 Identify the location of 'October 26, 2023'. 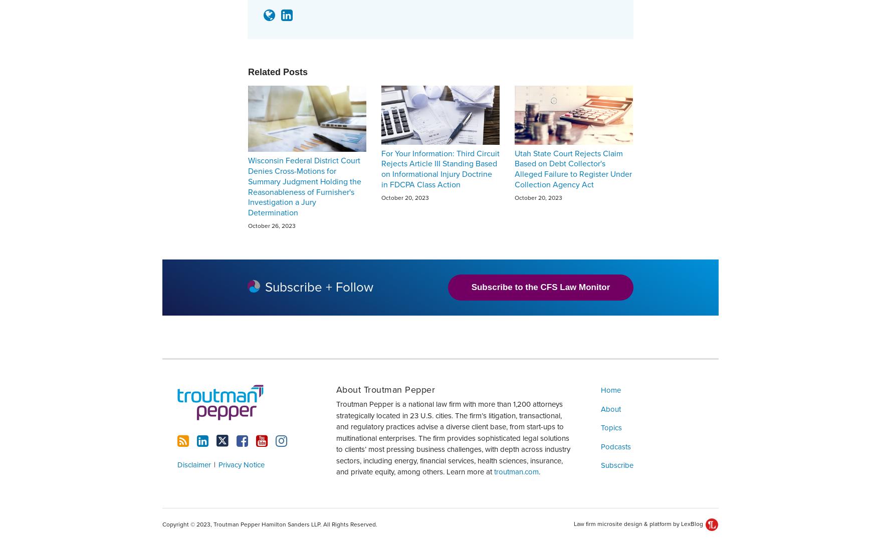
(271, 224).